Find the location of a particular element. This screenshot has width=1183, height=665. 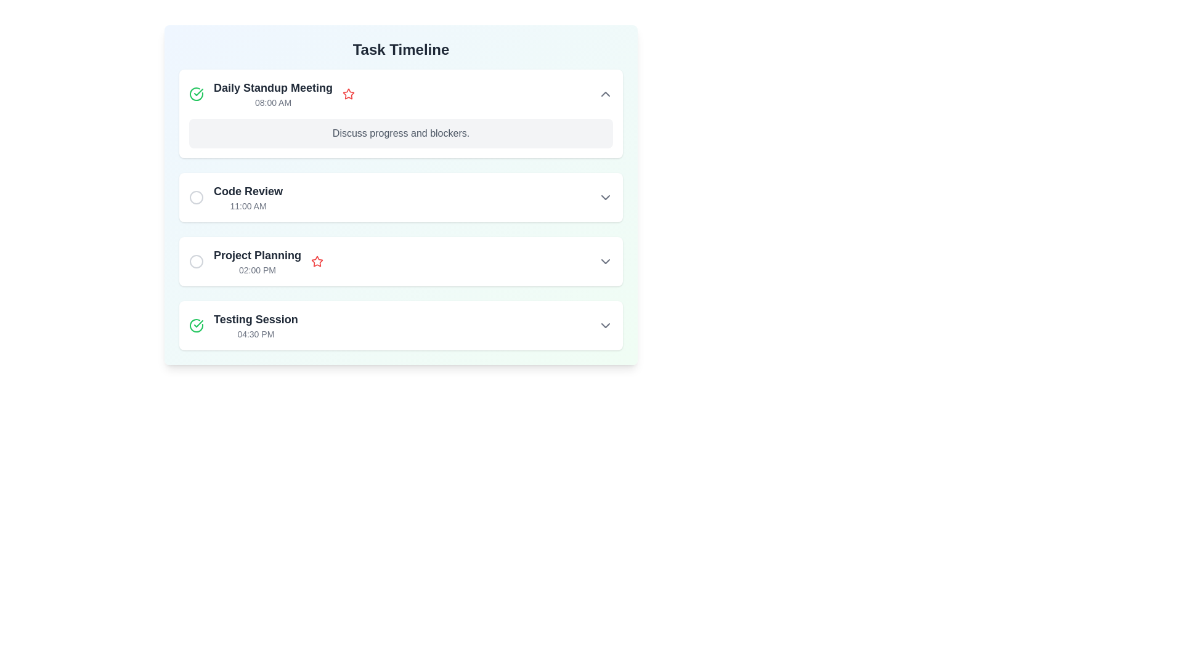

the downward-pointing arrow icon located to the right of the text 'Project Planning' and '02:00 PM' is located at coordinates (606, 260).